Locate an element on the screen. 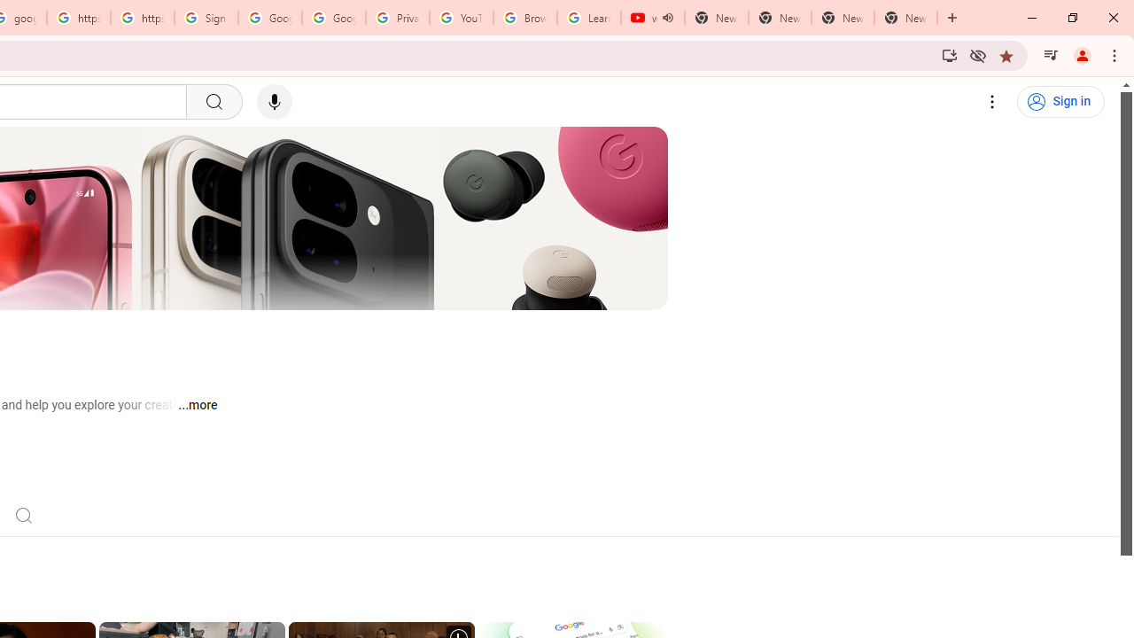 This screenshot has width=1134, height=638. 'YouTube' is located at coordinates (461, 18).